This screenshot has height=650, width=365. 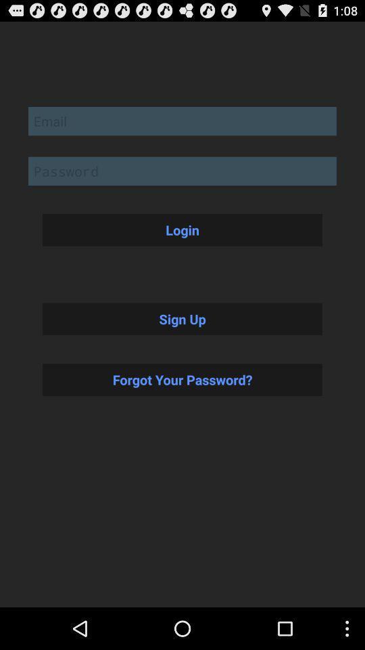 What do you see at coordinates (182, 170) in the screenshot?
I see `password` at bounding box center [182, 170].